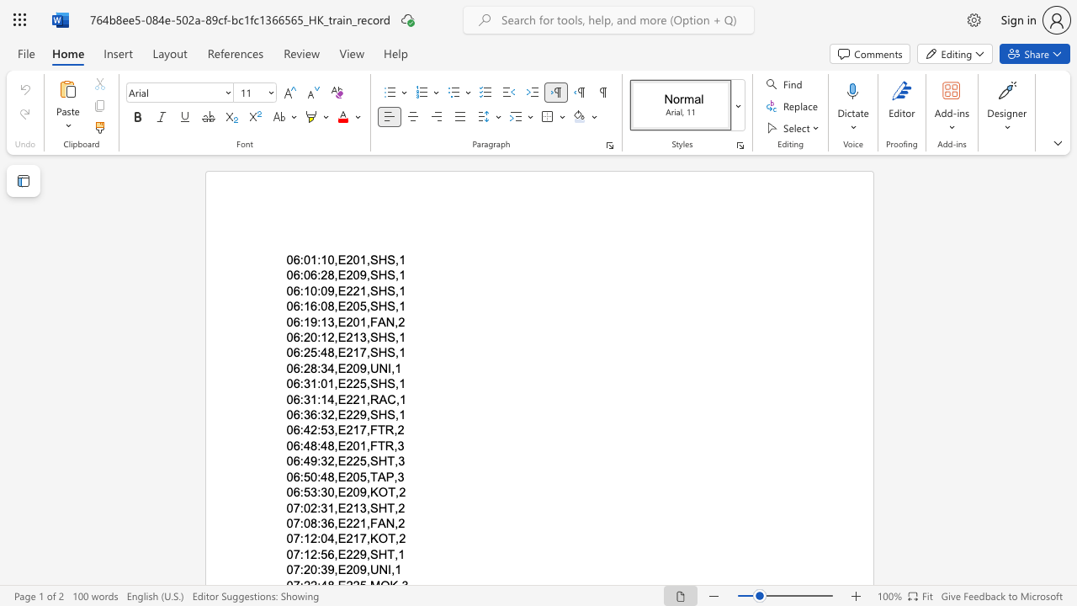 The height and width of the screenshot is (606, 1077). Describe the element at coordinates (310, 399) in the screenshot. I see `the space between the continuous character "3" and "1" in the text` at that location.